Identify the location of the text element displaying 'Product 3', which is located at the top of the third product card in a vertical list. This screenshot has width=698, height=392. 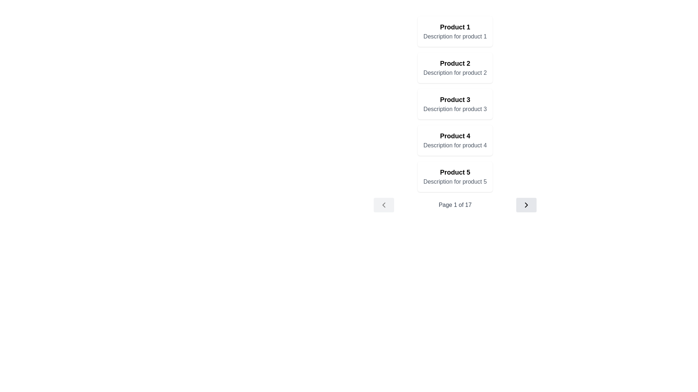
(455, 99).